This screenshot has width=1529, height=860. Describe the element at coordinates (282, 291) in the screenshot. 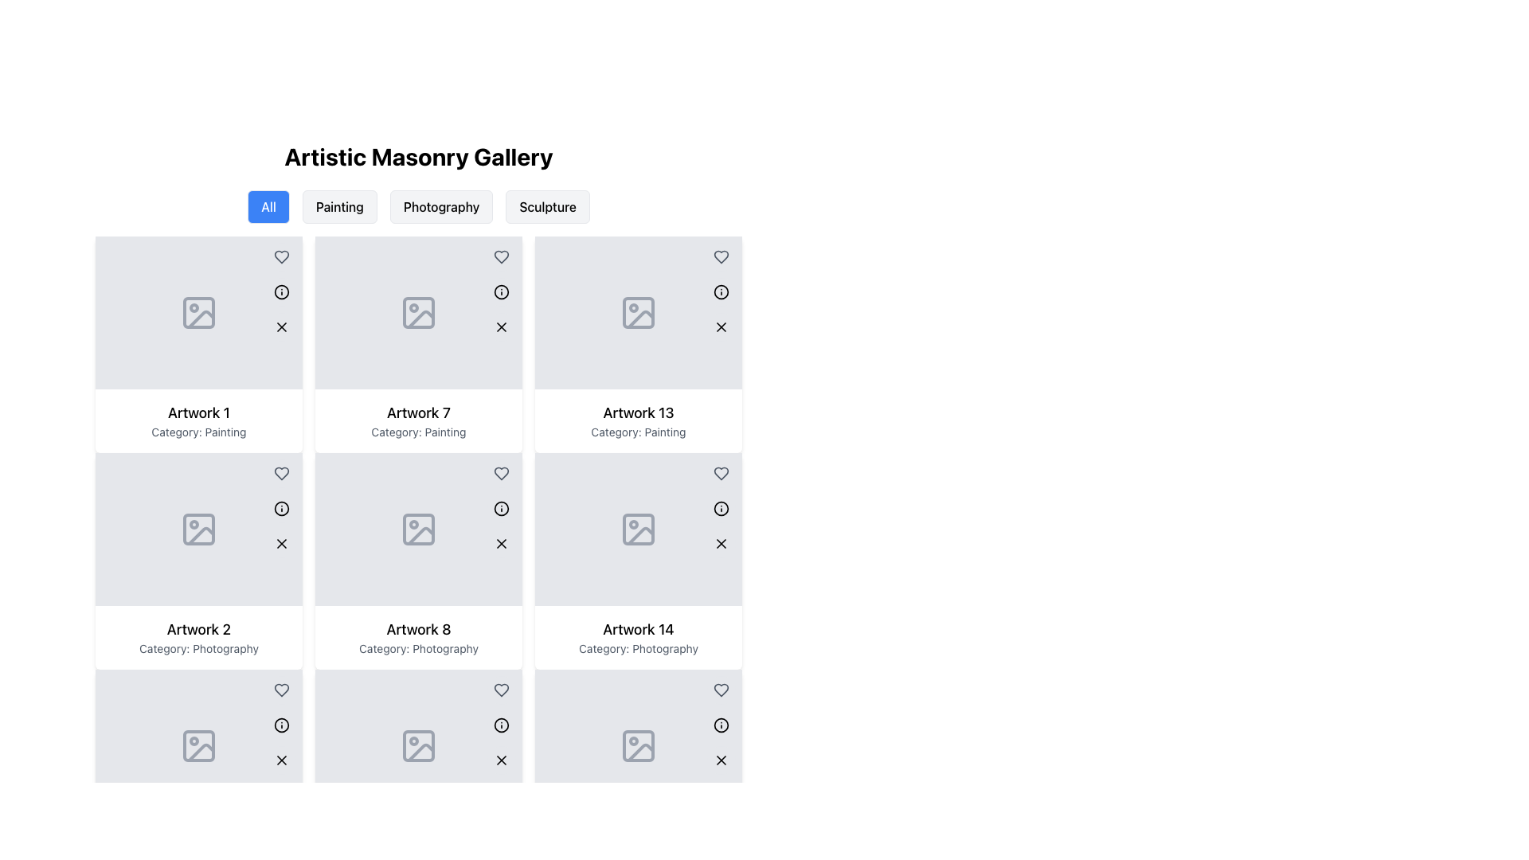

I see `the circular 'i' icon located in the top-right of the 'Artwork 7' card` at that location.